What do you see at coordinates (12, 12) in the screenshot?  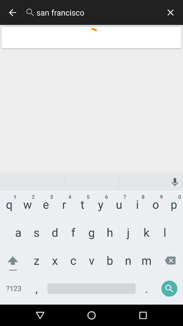 I see `the arrow_backward icon` at bounding box center [12, 12].